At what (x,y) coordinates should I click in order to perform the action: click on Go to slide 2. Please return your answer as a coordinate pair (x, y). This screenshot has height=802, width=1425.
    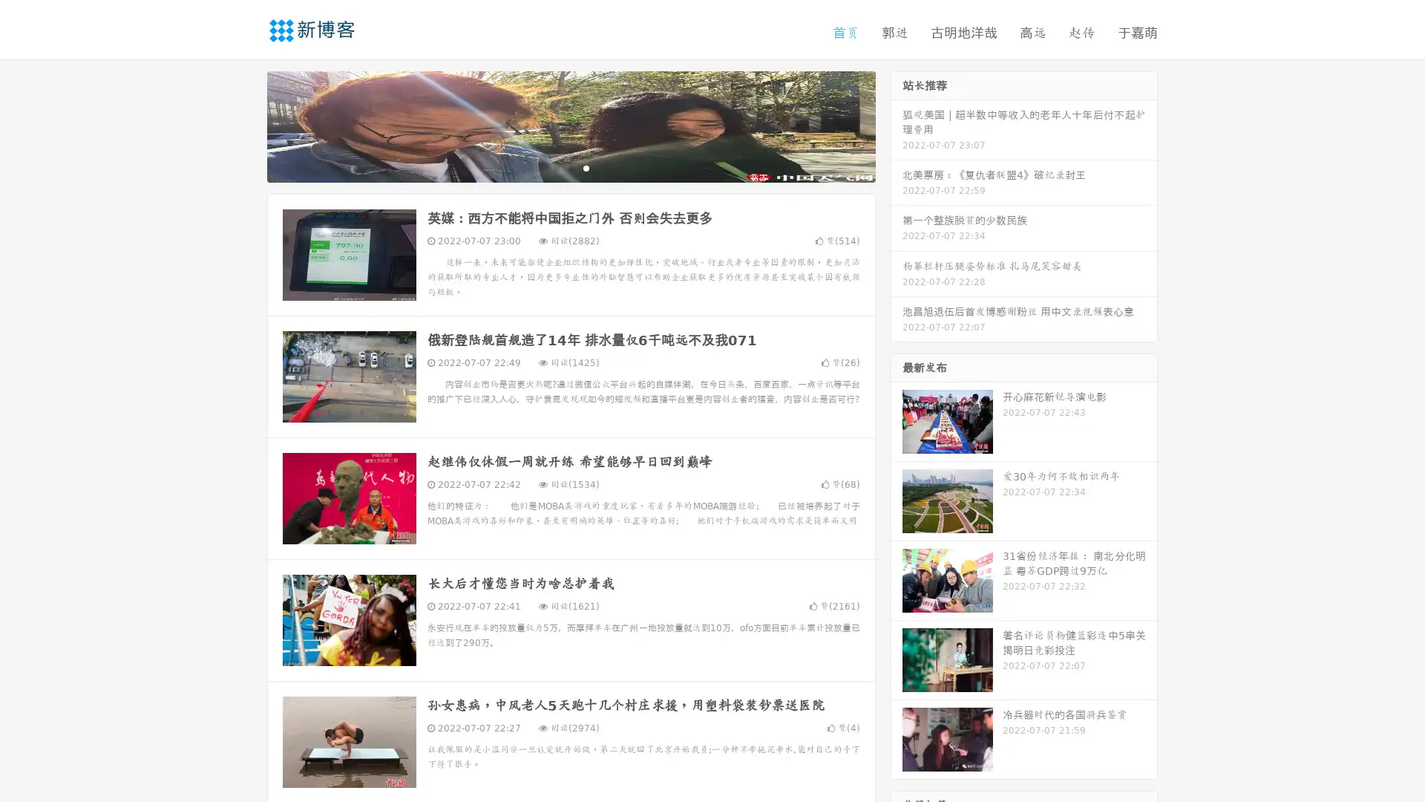
    Looking at the image, I should click on (570, 167).